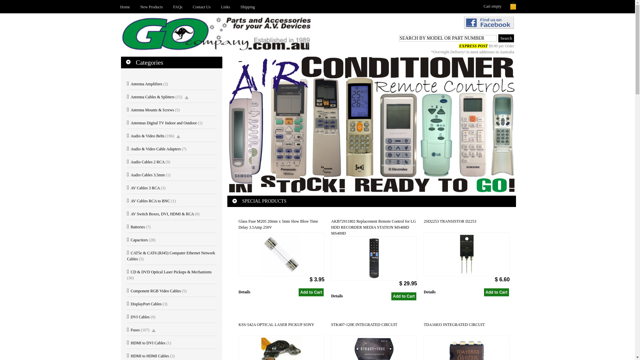  Describe the element at coordinates (136, 227) in the screenshot. I see `'Batteries'` at that location.